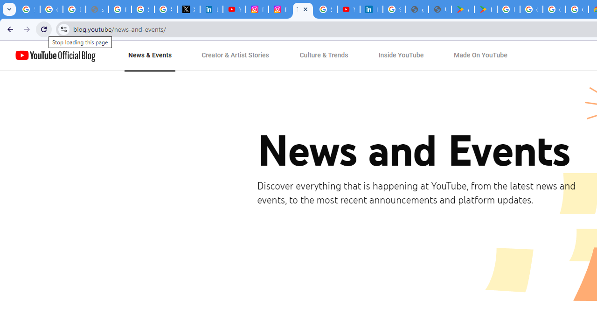 Image resolution: width=597 pixels, height=336 pixels. I want to click on 'YouTube Content Monetization Policies - How YouTube Works', so click(234, 9).